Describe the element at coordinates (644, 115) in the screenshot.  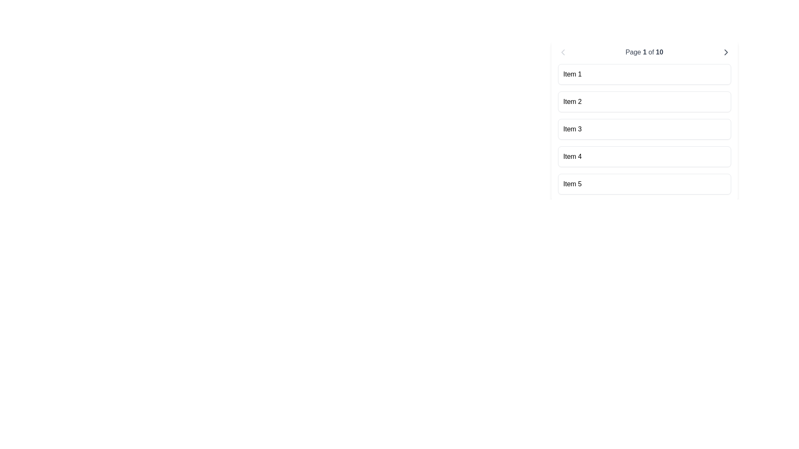
I see `the Scrollable List located in the top-right region of the interface` at that location.